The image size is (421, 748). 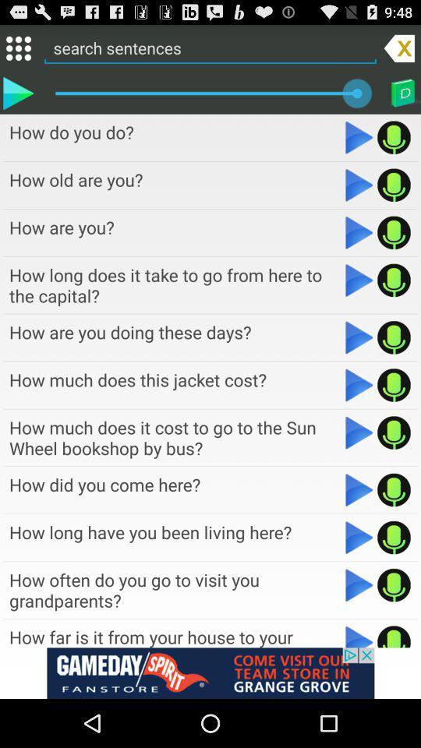 I want to click on sentence, so click(x=359, y=136).